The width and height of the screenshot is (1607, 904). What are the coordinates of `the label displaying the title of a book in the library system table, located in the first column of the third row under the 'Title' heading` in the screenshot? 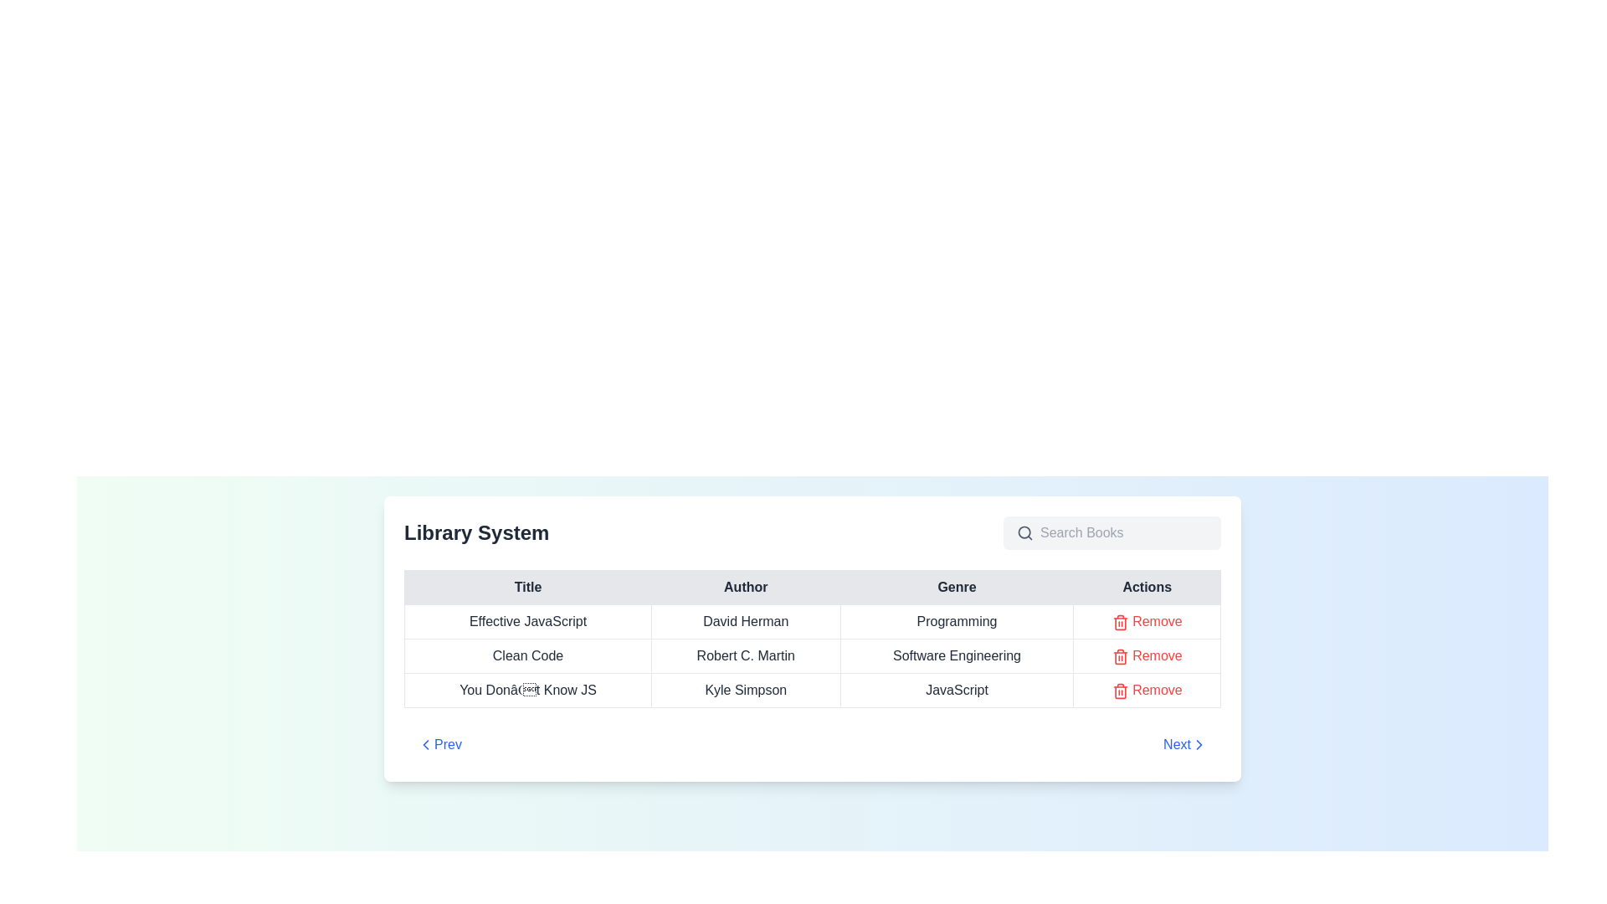 It's located at (527, 691).